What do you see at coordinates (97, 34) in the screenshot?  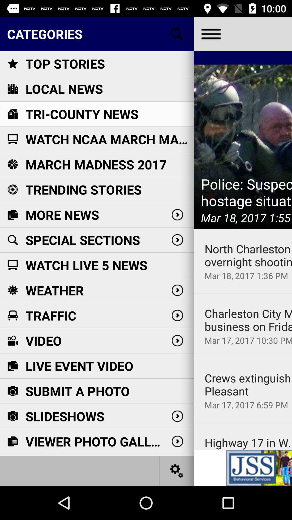 I see `categories` at bounding box center [97, 34].